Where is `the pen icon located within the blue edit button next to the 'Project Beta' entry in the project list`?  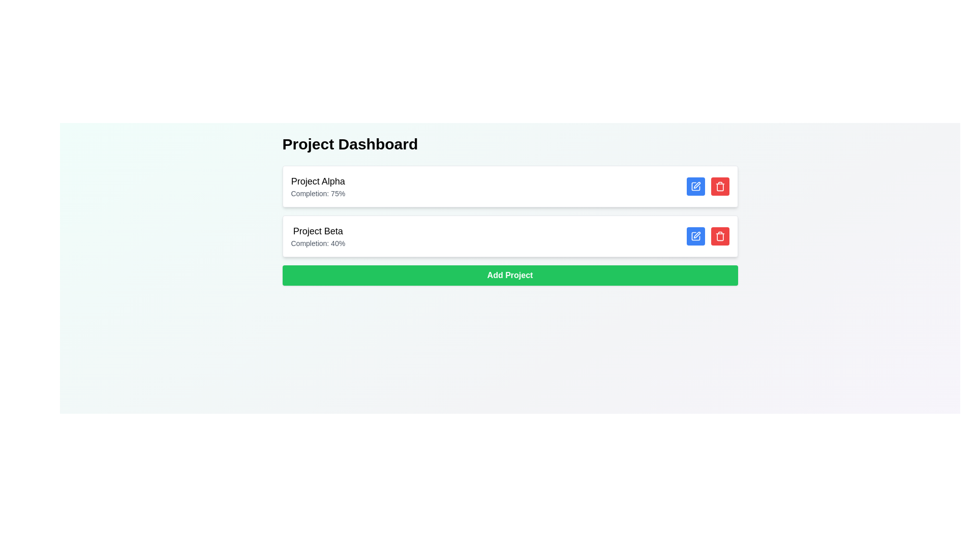 the pen icon located within the blue edit button next to the 'Project Beta' entry in the project list is located at coordinates (695, 186).